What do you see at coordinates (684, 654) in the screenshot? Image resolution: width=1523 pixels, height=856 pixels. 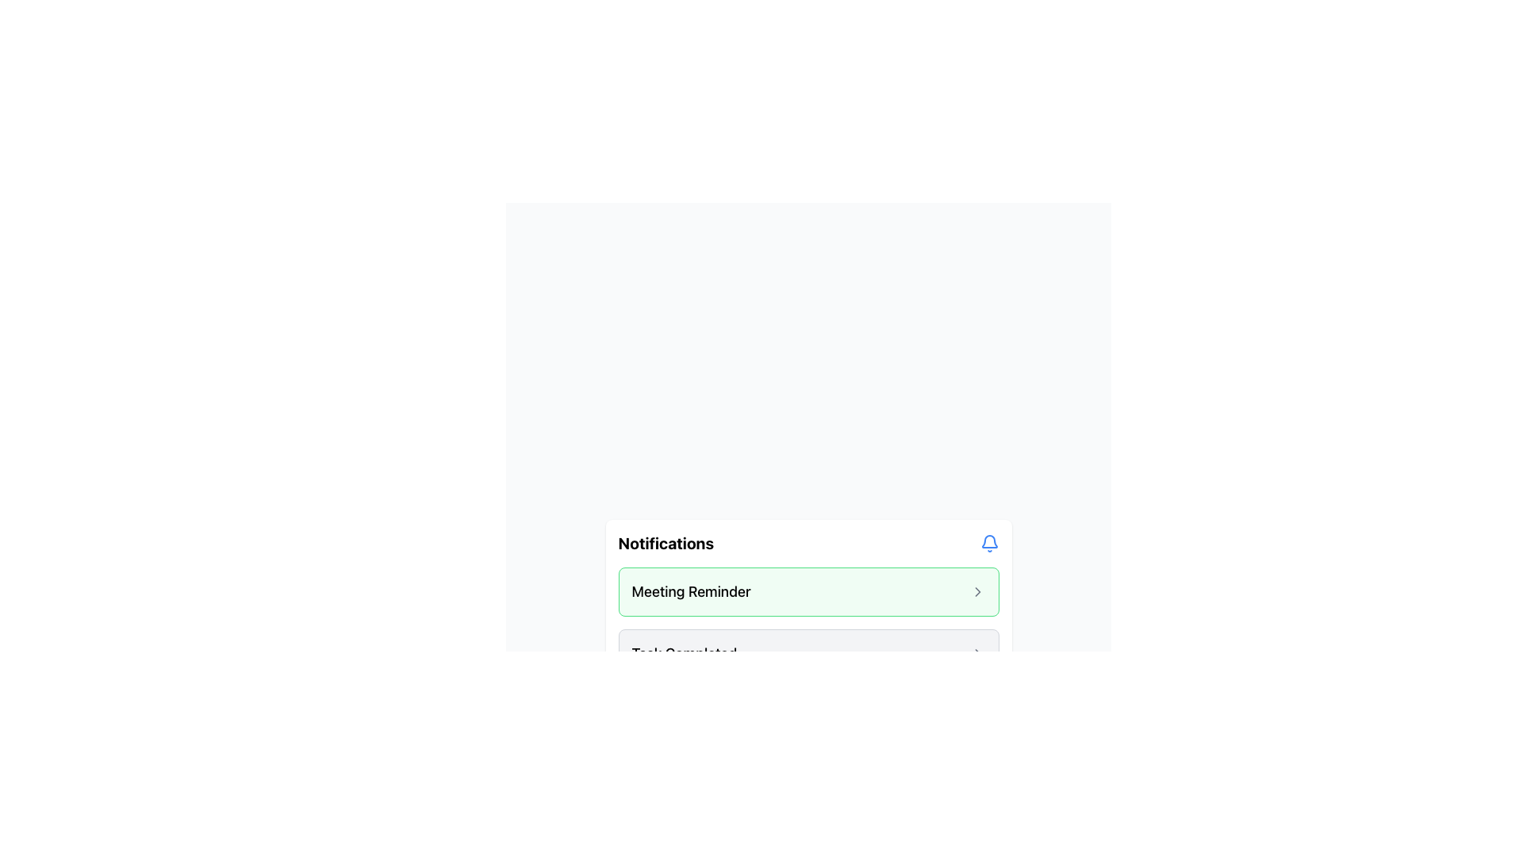 I see `the informational text label indicating task completion located in the second row of the notification list, below the 'Meeting Reminder' item` at bounding box center [684, 654].